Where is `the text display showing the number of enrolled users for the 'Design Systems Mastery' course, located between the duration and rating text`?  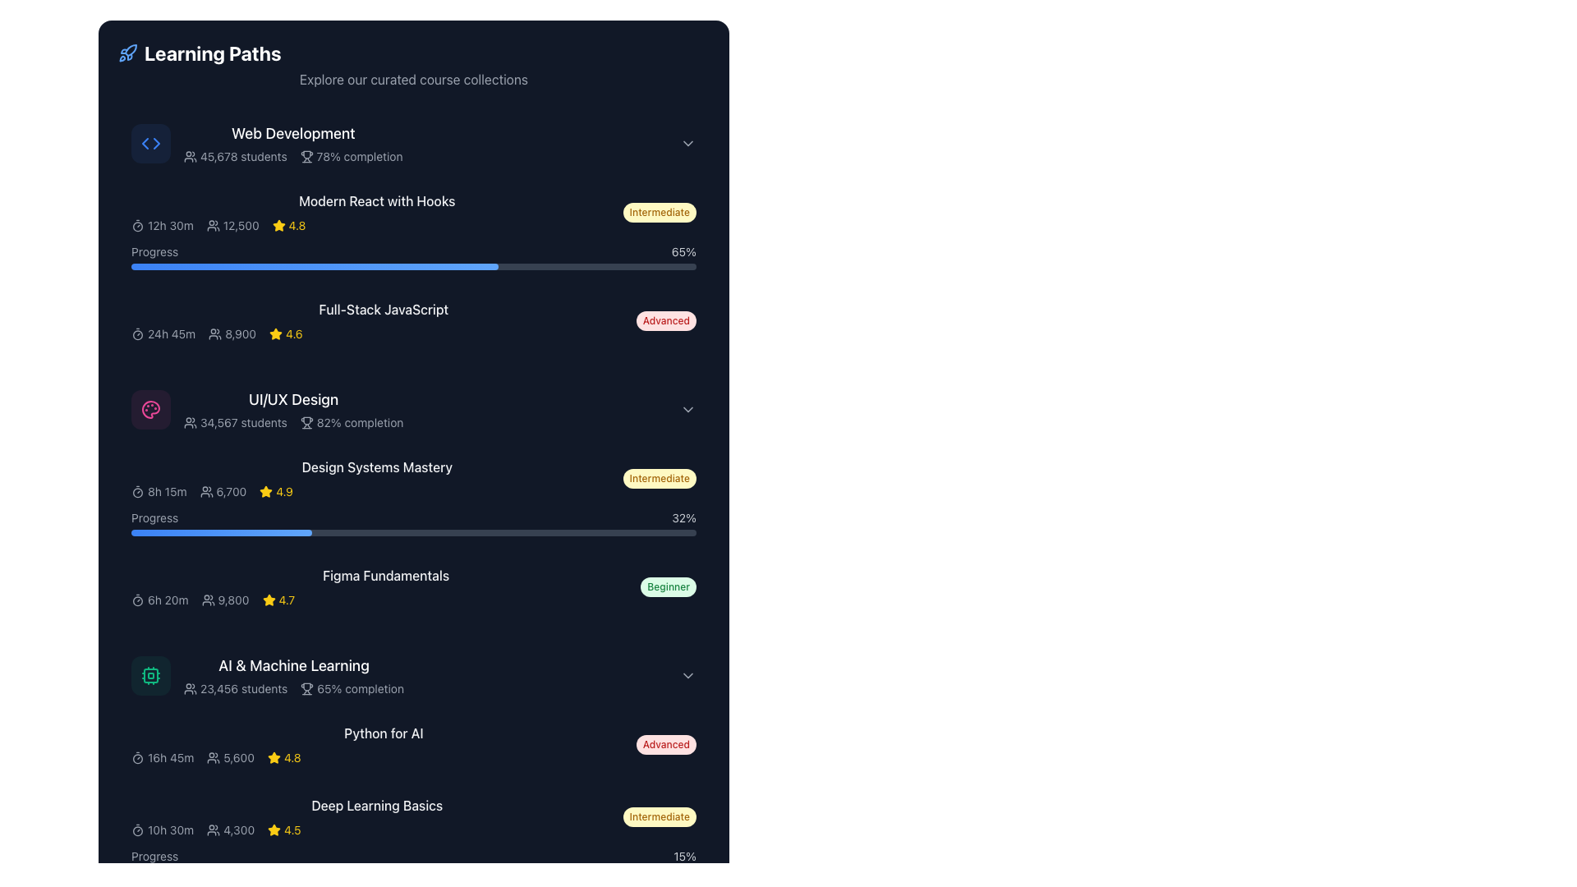 the text display showing the number of enrolled users for the 'Design Systems Mastery' course, located between the duration and rating text is located at coordinates (222, 490).